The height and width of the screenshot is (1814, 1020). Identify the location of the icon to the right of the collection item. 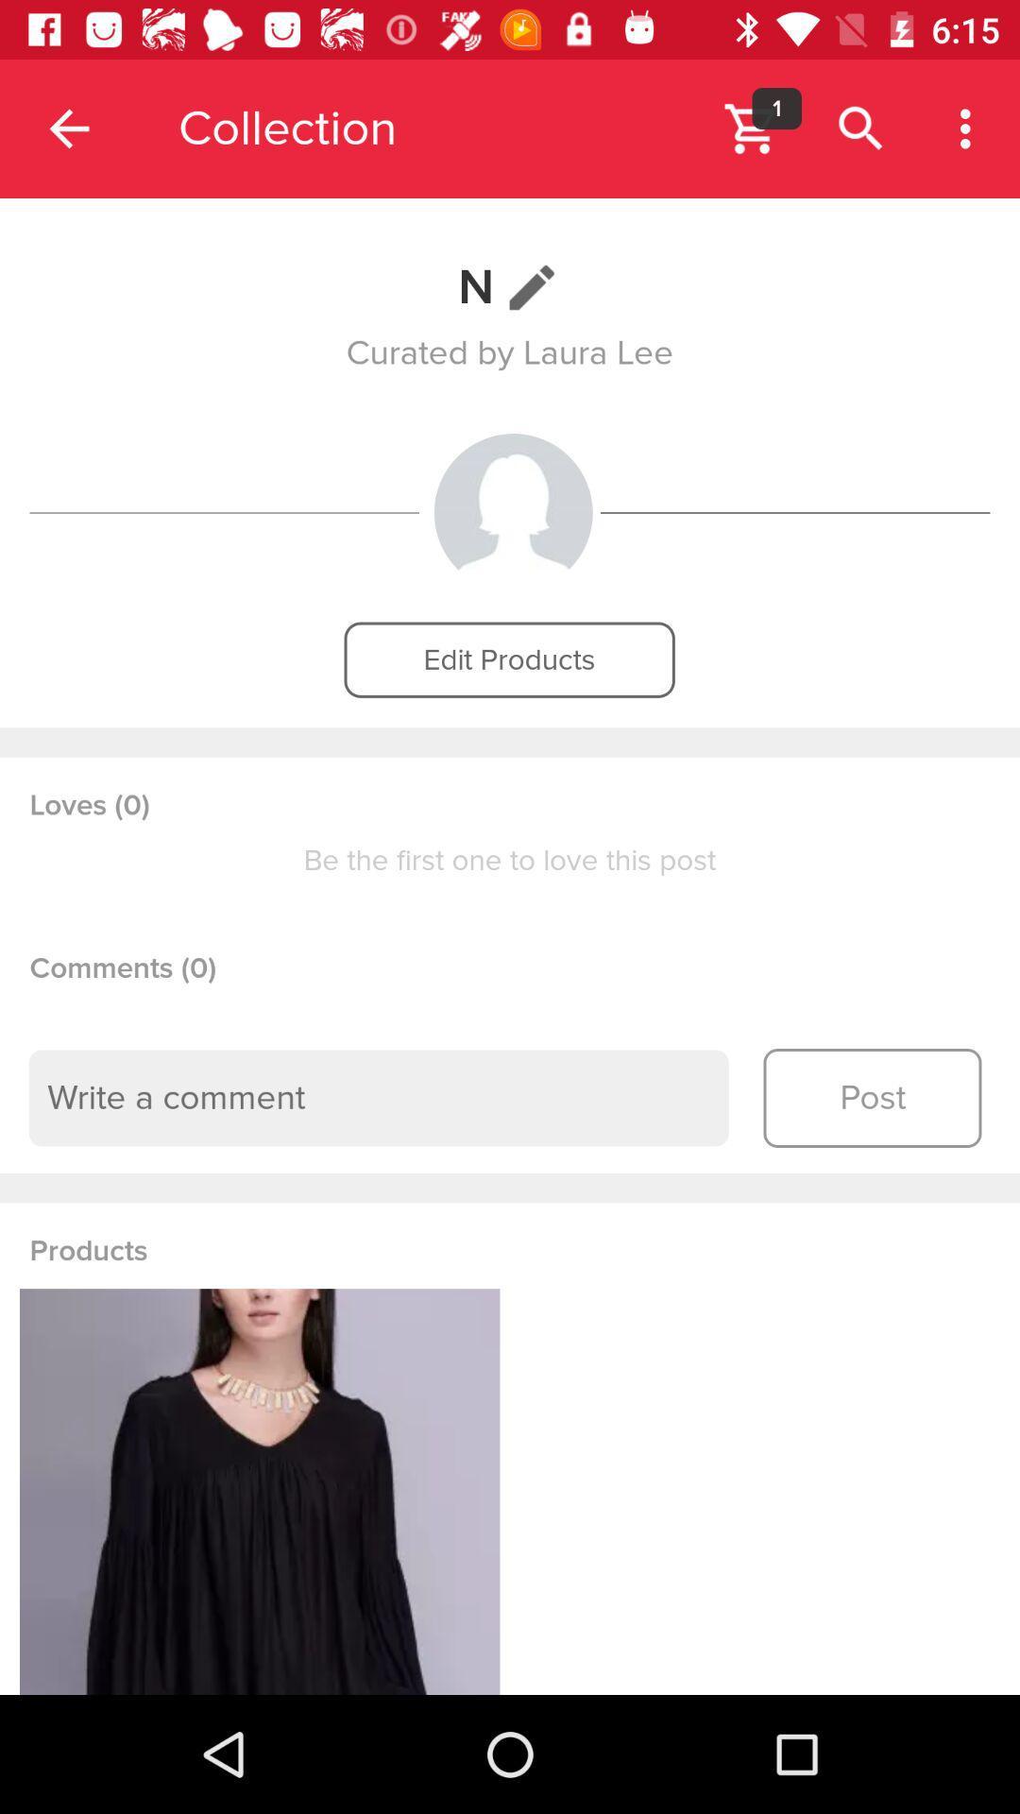
(751, 128).